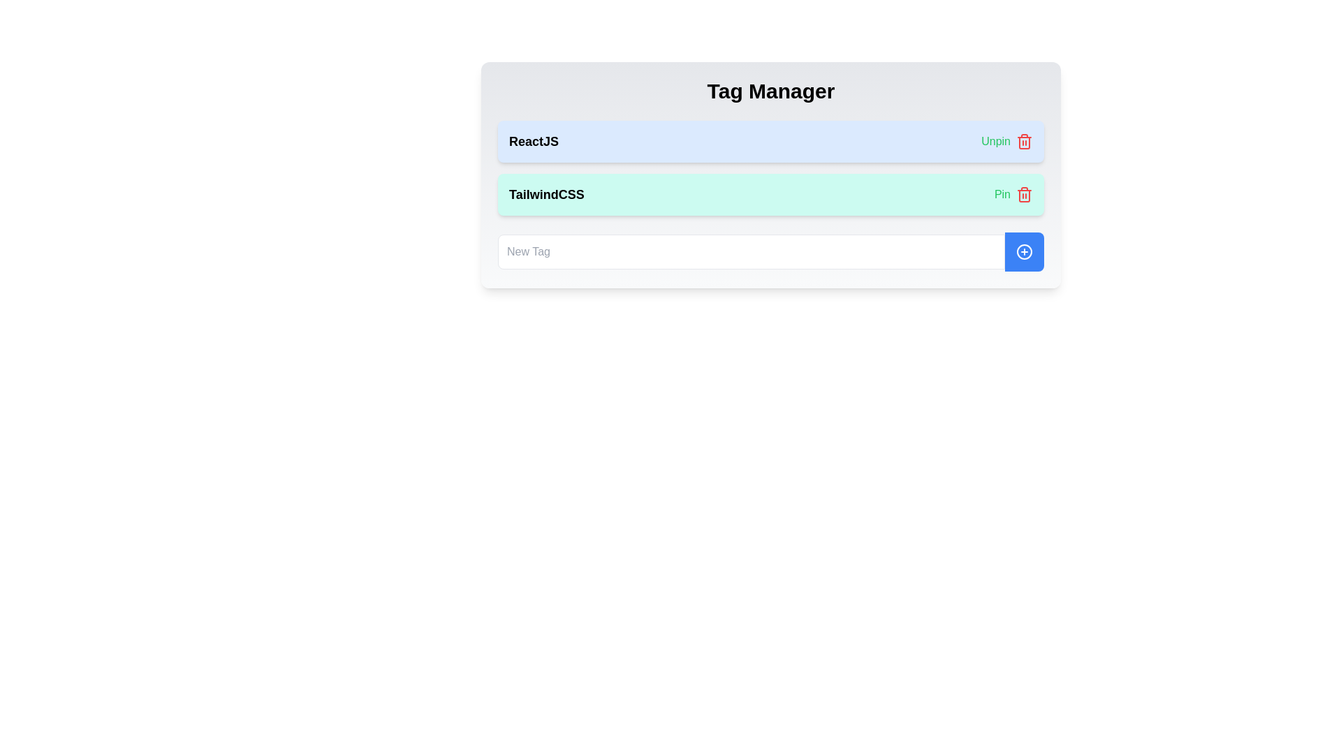 The height and width of the screenshot is (754, 1341). I want to click on text label located on the left side of a horizontally aligned group with a light teal background and rounded corners, adjacent to the 'Pin' option, so click(545, 194).